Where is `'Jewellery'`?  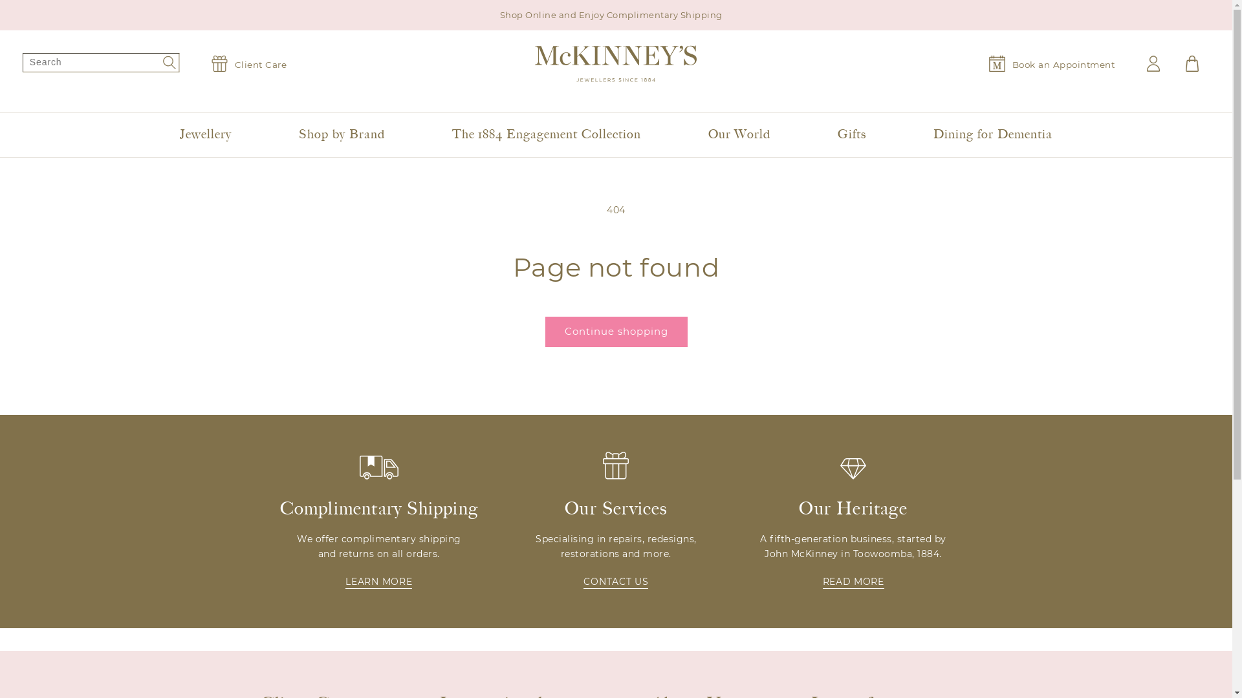 'Jewellery' is located at coordinates (204, 134).